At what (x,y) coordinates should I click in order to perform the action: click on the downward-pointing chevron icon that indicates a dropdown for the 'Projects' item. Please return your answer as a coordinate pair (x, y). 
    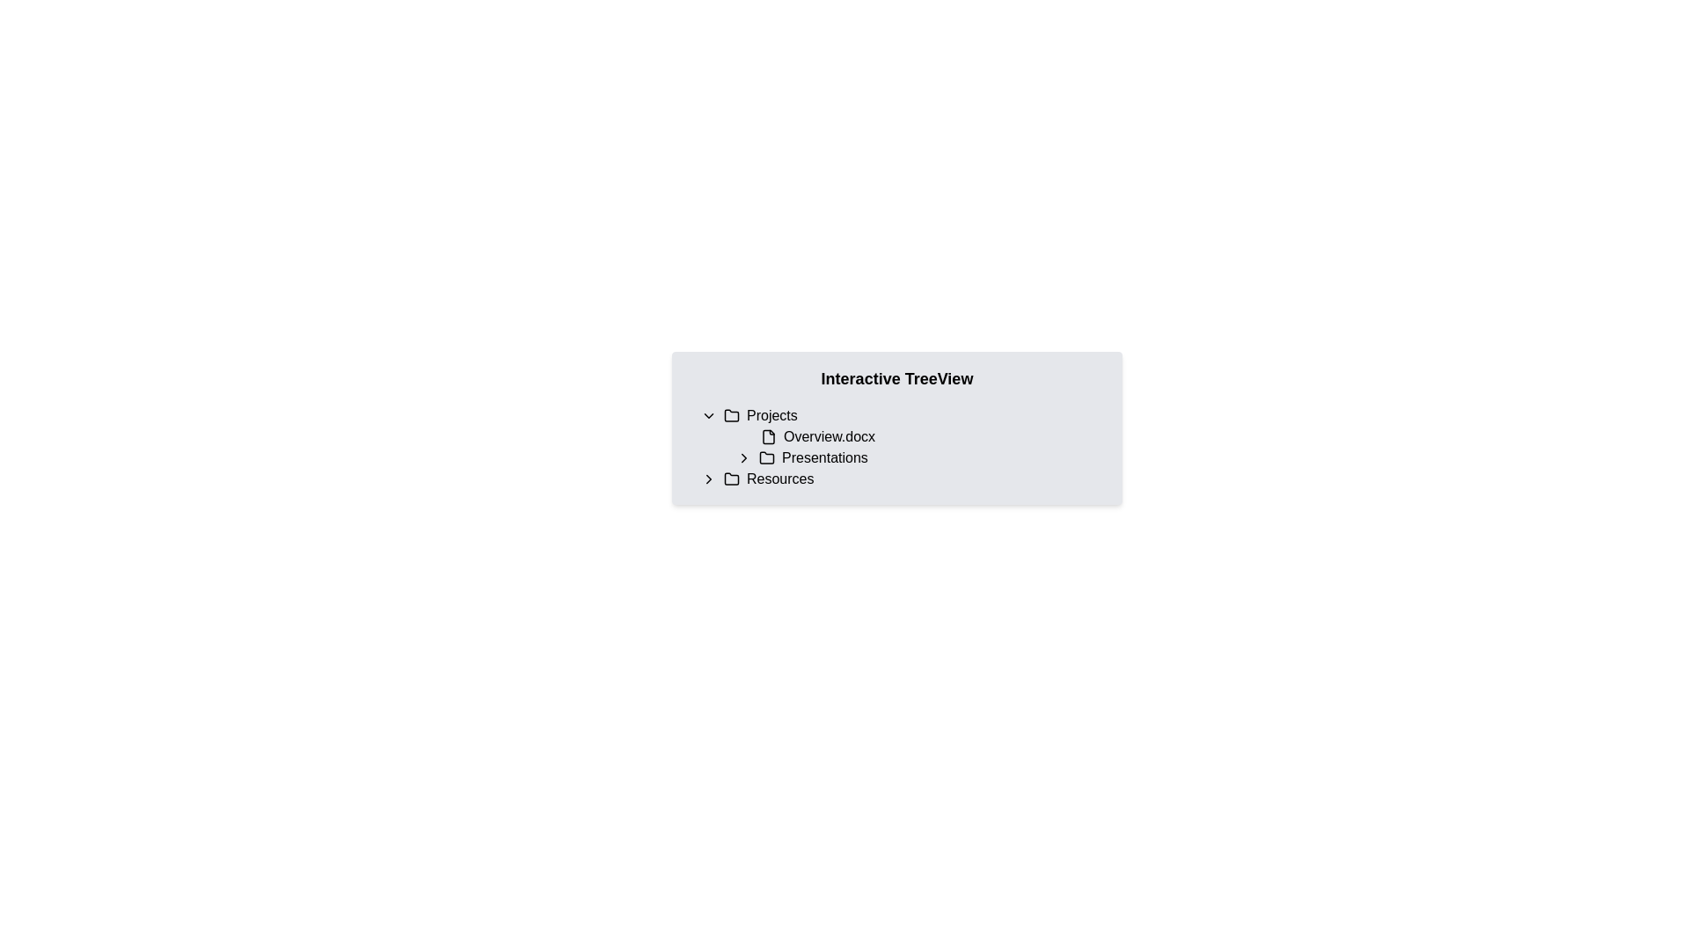
    Looking at the image, I should click on (709, 416).